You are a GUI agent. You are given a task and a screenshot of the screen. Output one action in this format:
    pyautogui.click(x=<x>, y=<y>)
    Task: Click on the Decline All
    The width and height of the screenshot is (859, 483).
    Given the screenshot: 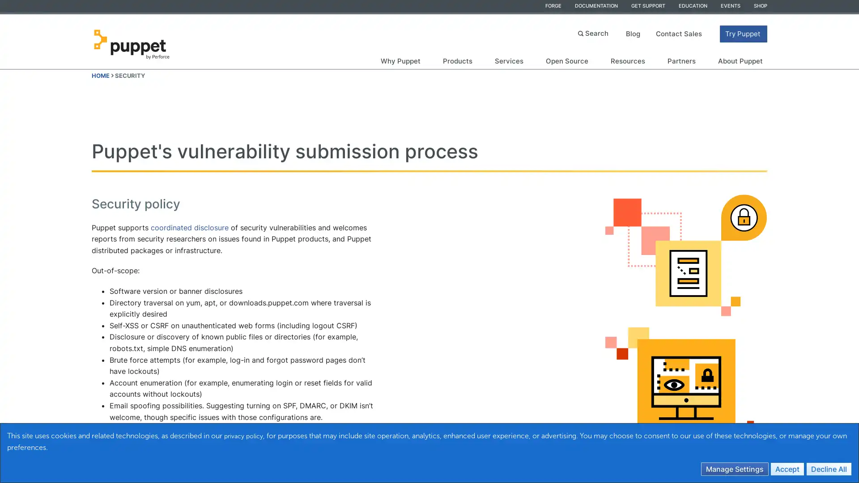 What is the action you would take?
    pyautogui.click(x=828, y=468)
    